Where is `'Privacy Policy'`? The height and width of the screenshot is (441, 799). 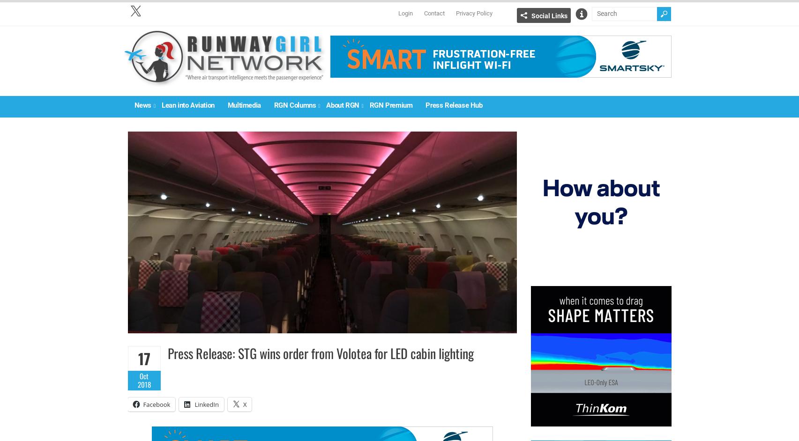 'Privacy Policy' is located at coordinates (455, 13).